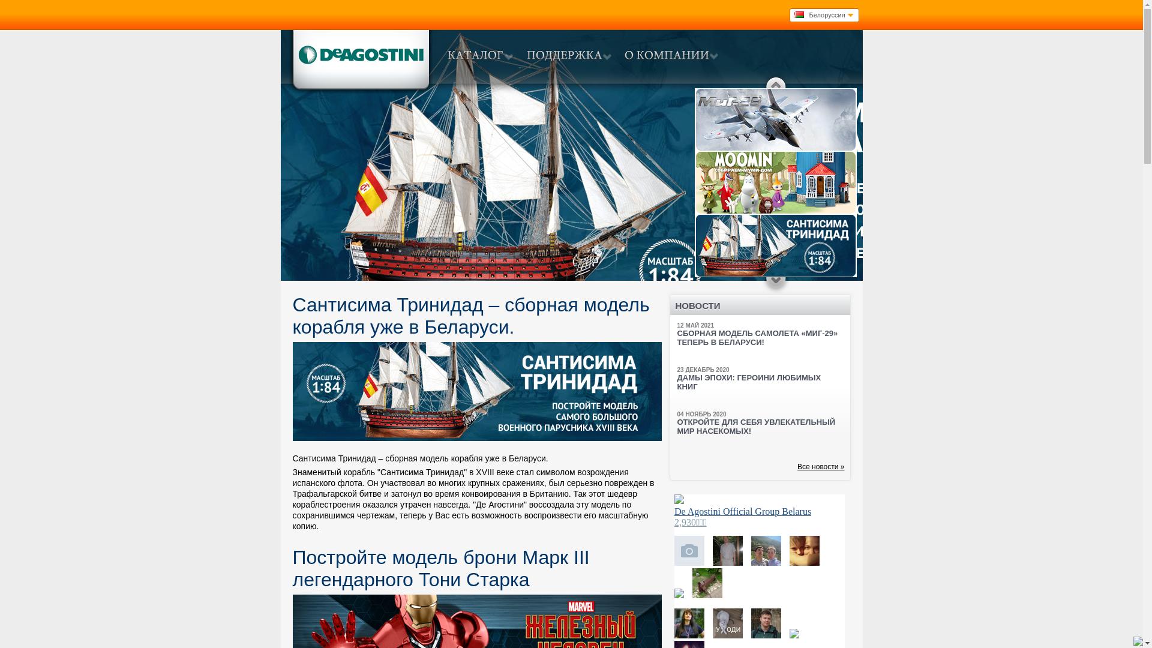 The image size is (1152, 648). What do you see at coordinates (775, 284) in the screenshot?
I see `'Scroll down'` at bounding box center [775, 284].